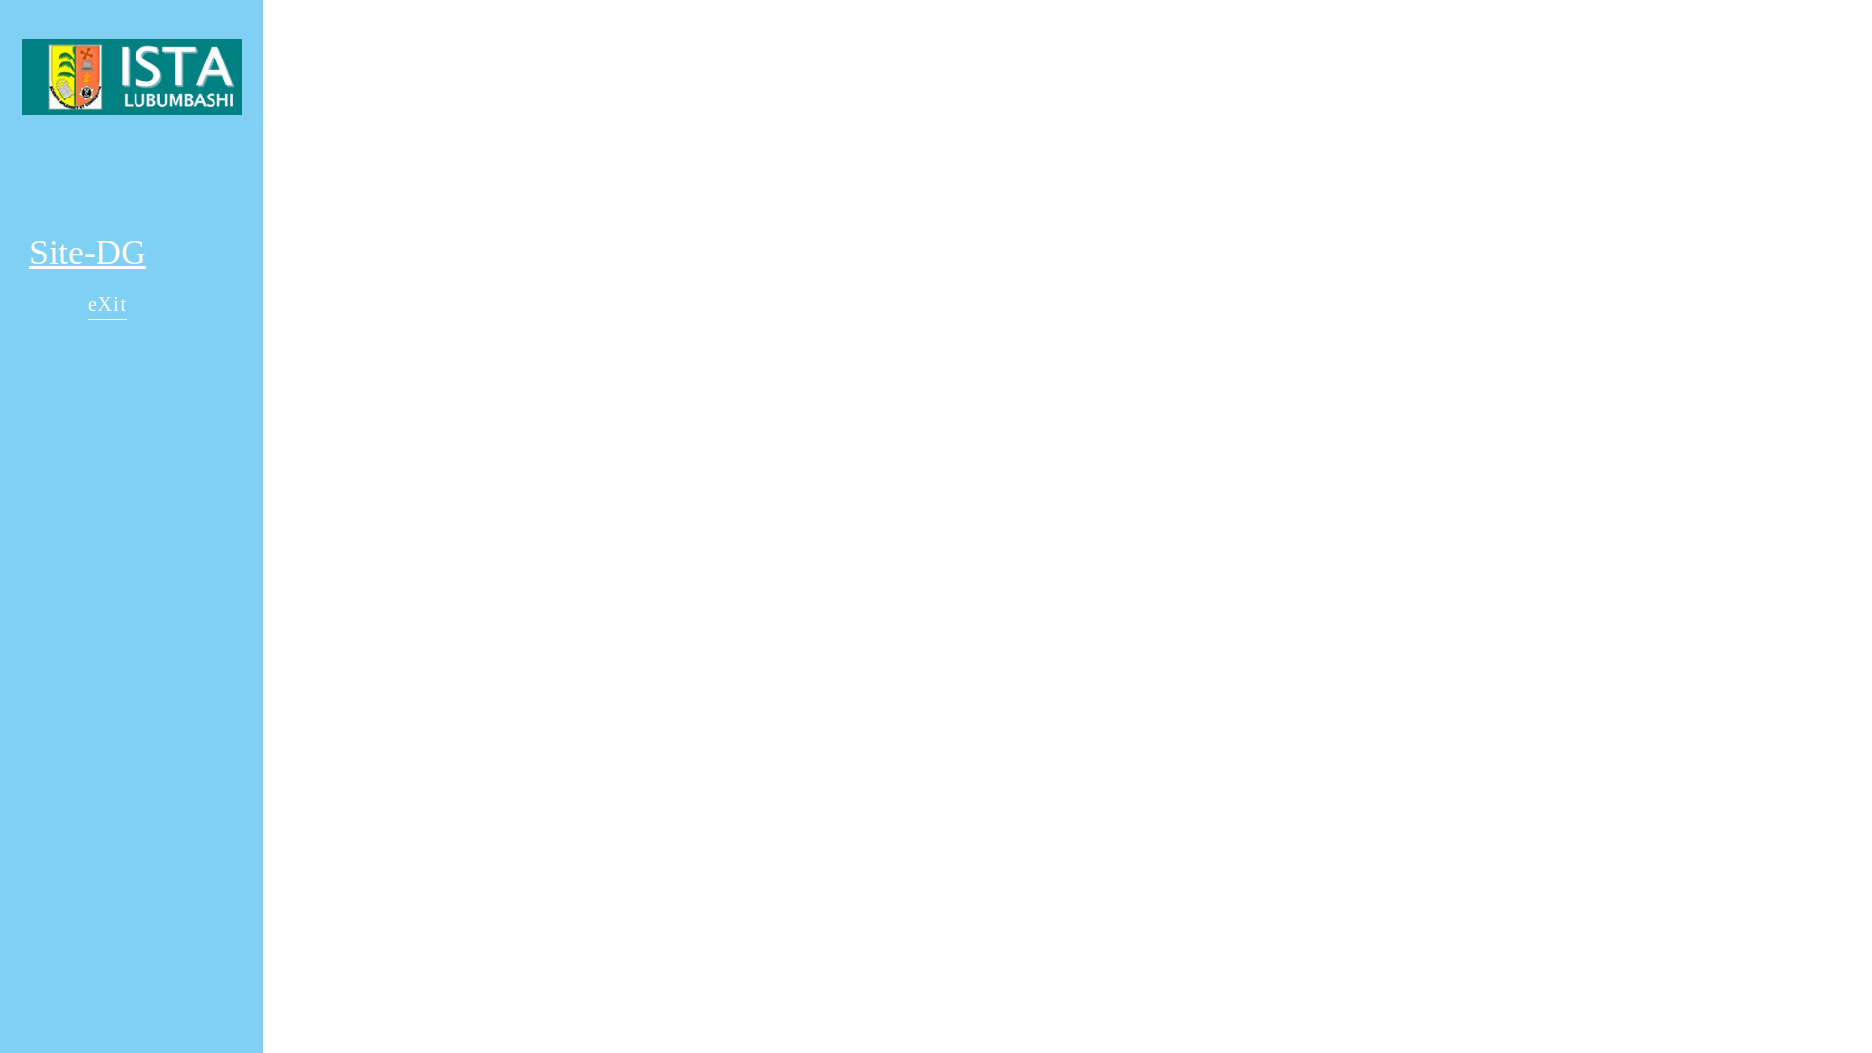  What do you see at coordinates (106, 306) in the screenshot?
I see `'eXit'` at bounding box center [106, 306].